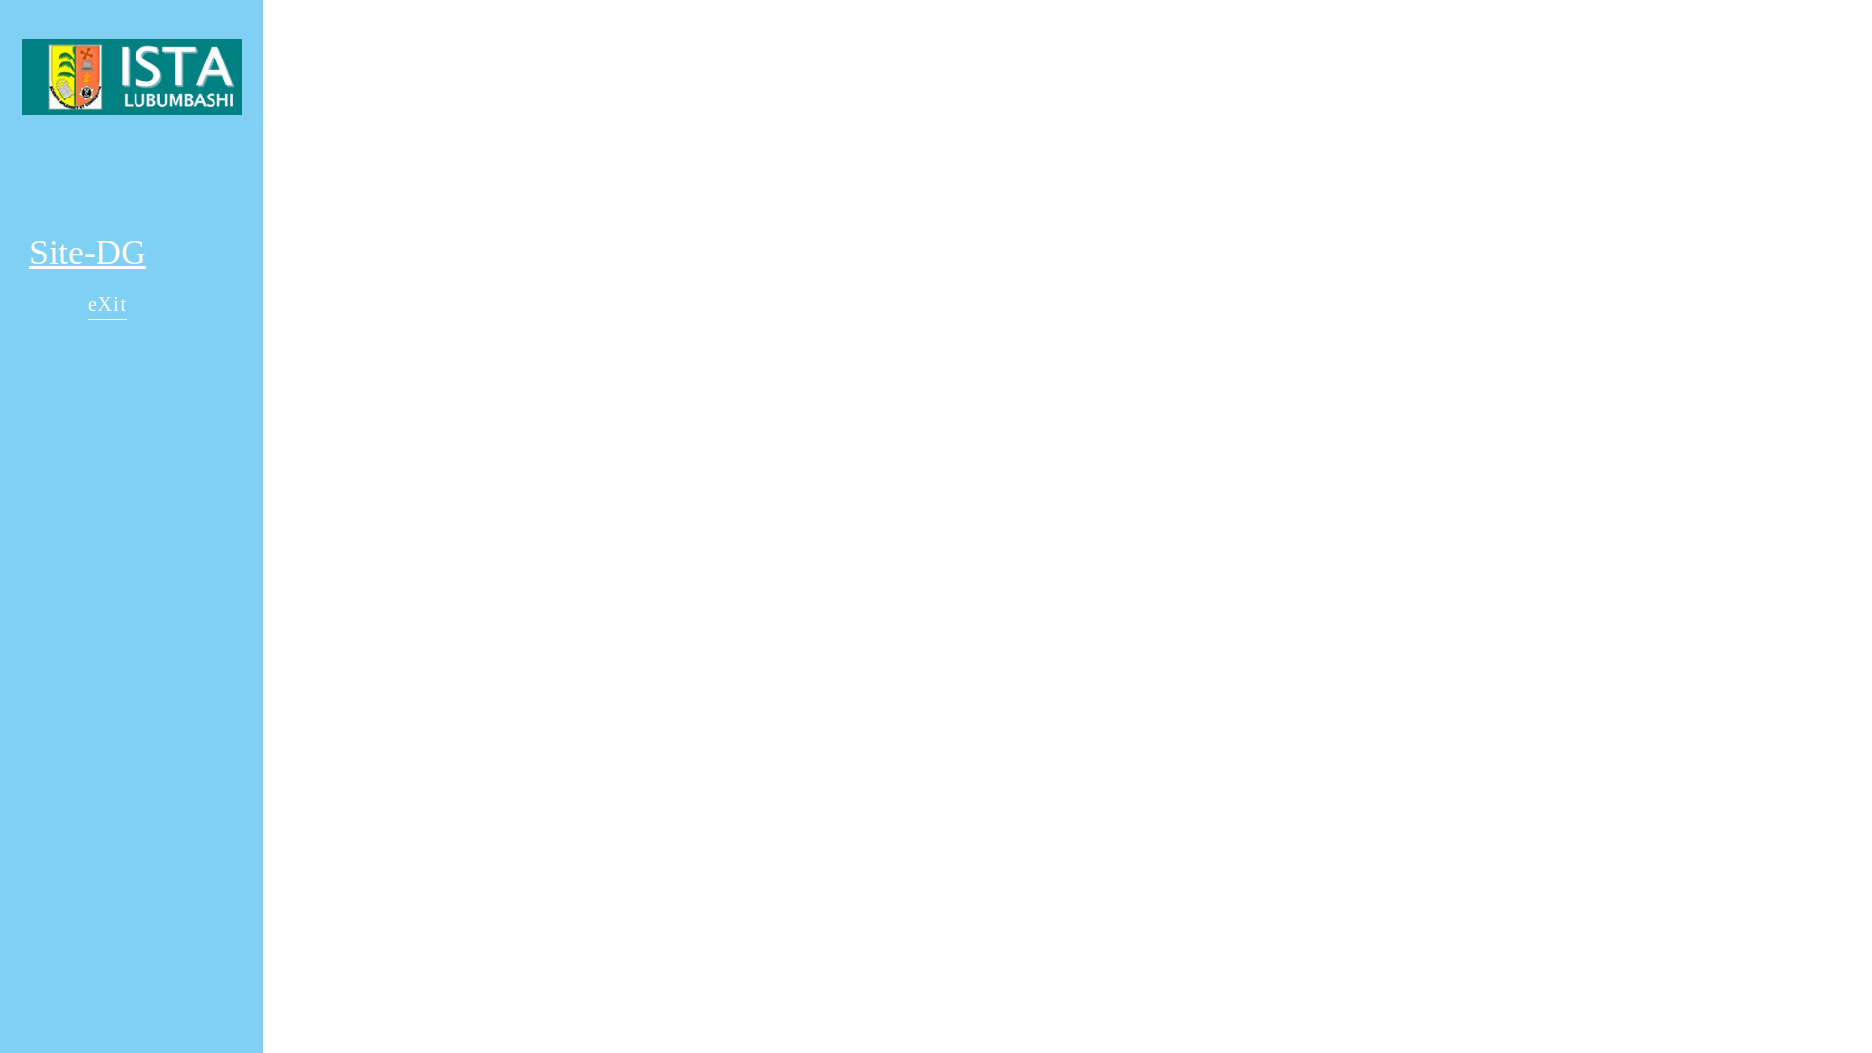  What do you see at coordinates (106, 306) in the screenshot?
I see `'eXit'` at bounding box center [106, 306].